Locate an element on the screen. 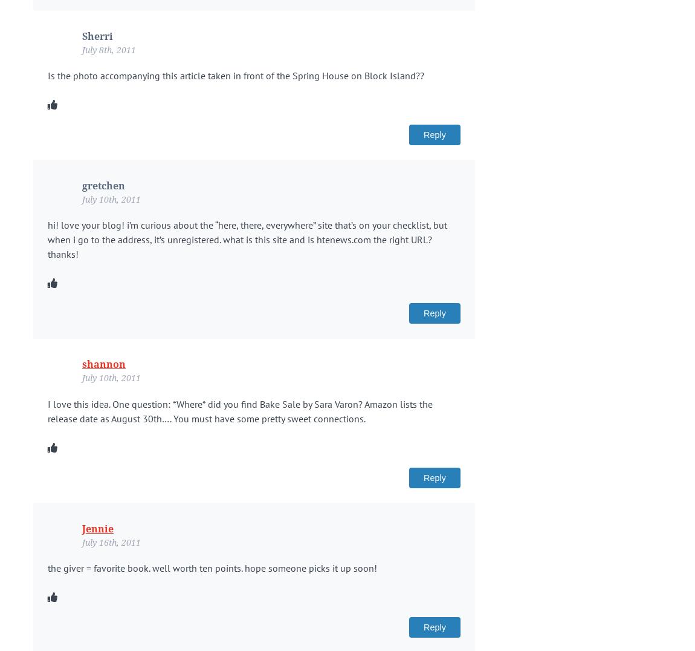 This screenshot has height=651, width=695. 'shannon' is located at coordinates (103, 364).